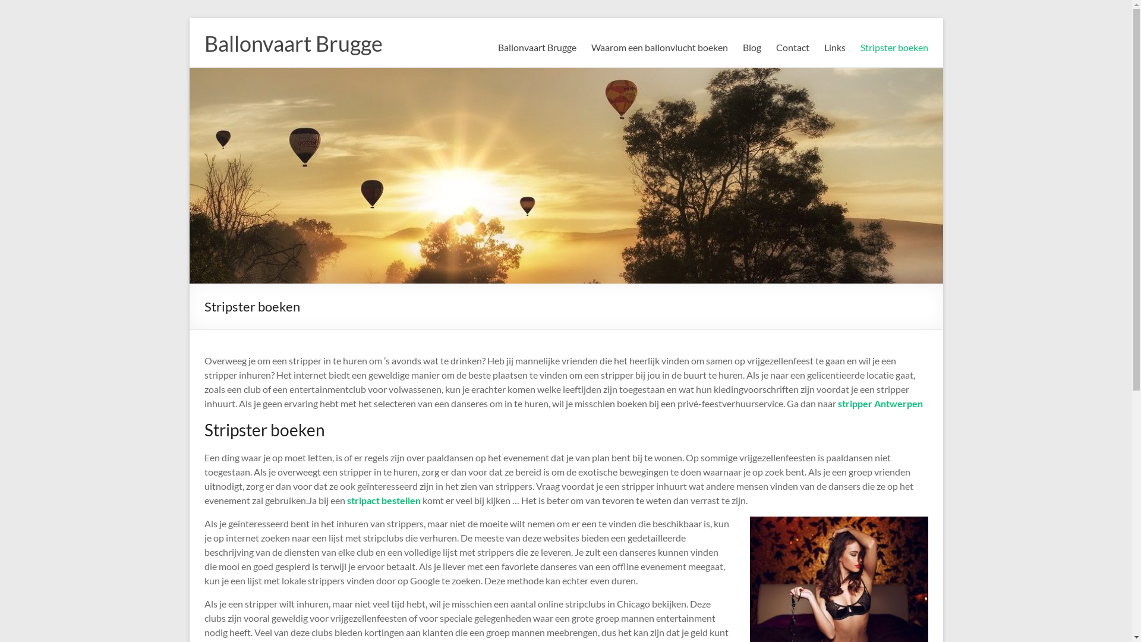  What do you see at coordinates (776, 47) in the screenshot?
I see `'Contact'` at bounding box center [776, 47].